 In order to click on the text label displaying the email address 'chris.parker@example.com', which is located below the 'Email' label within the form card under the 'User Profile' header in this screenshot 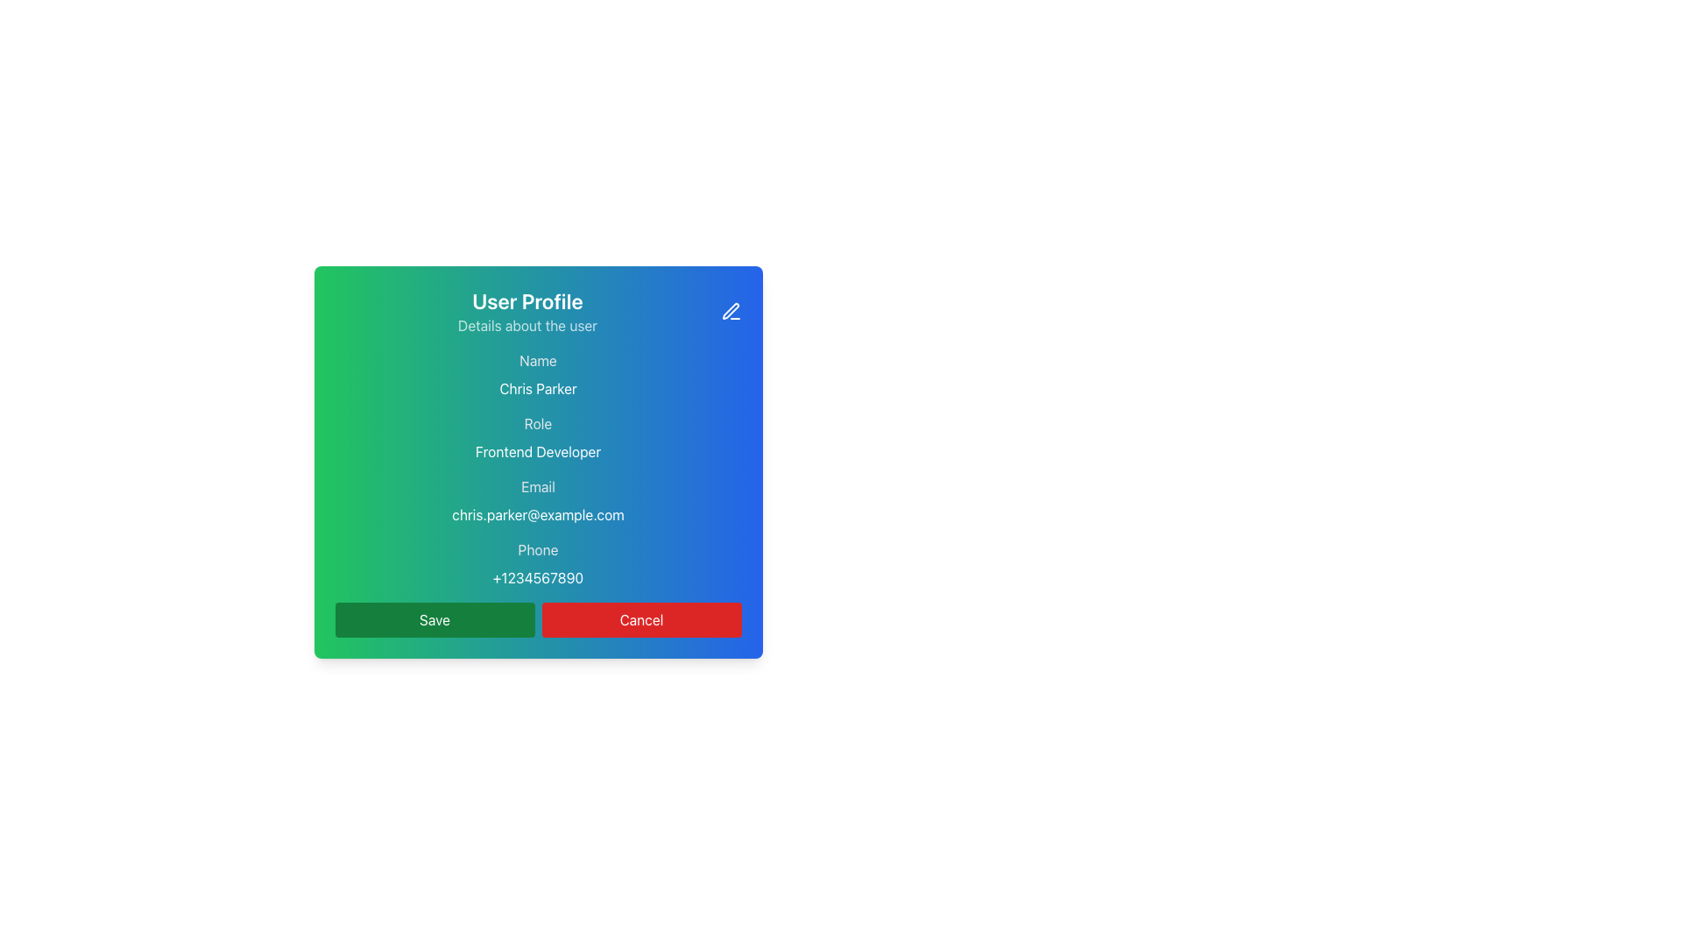, I will do `click(537, 513)`.